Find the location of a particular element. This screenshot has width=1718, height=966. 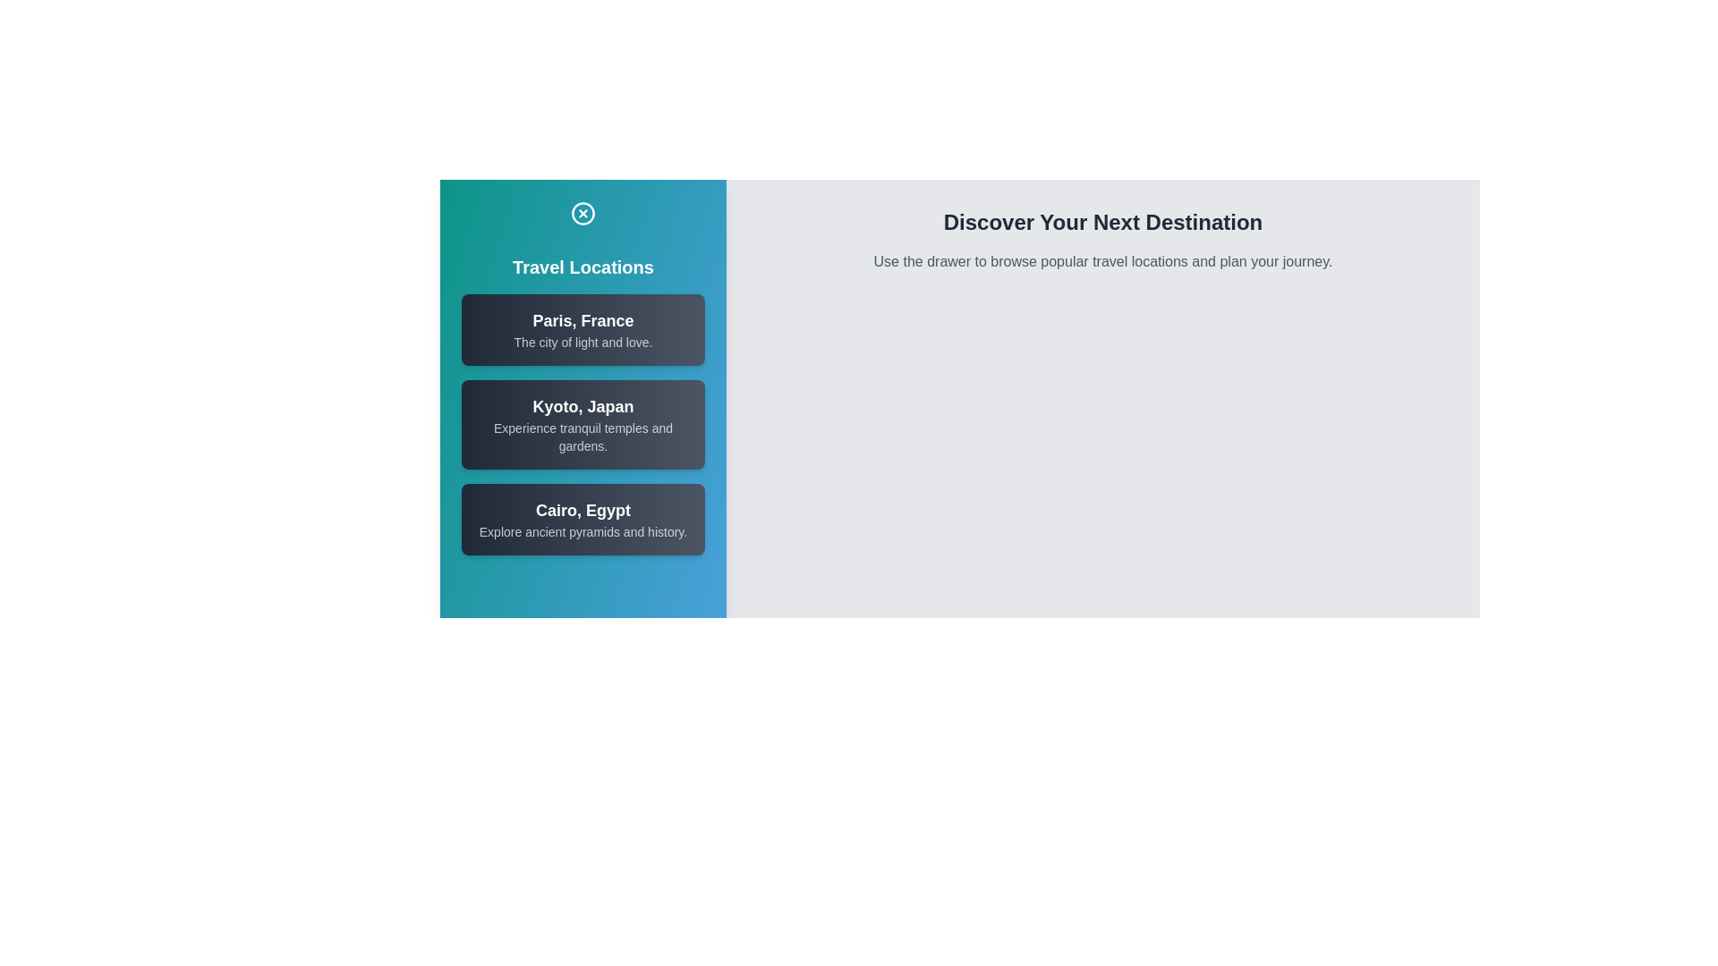

the location item corresponding to Paris, France is located at coordinates (583, 330).